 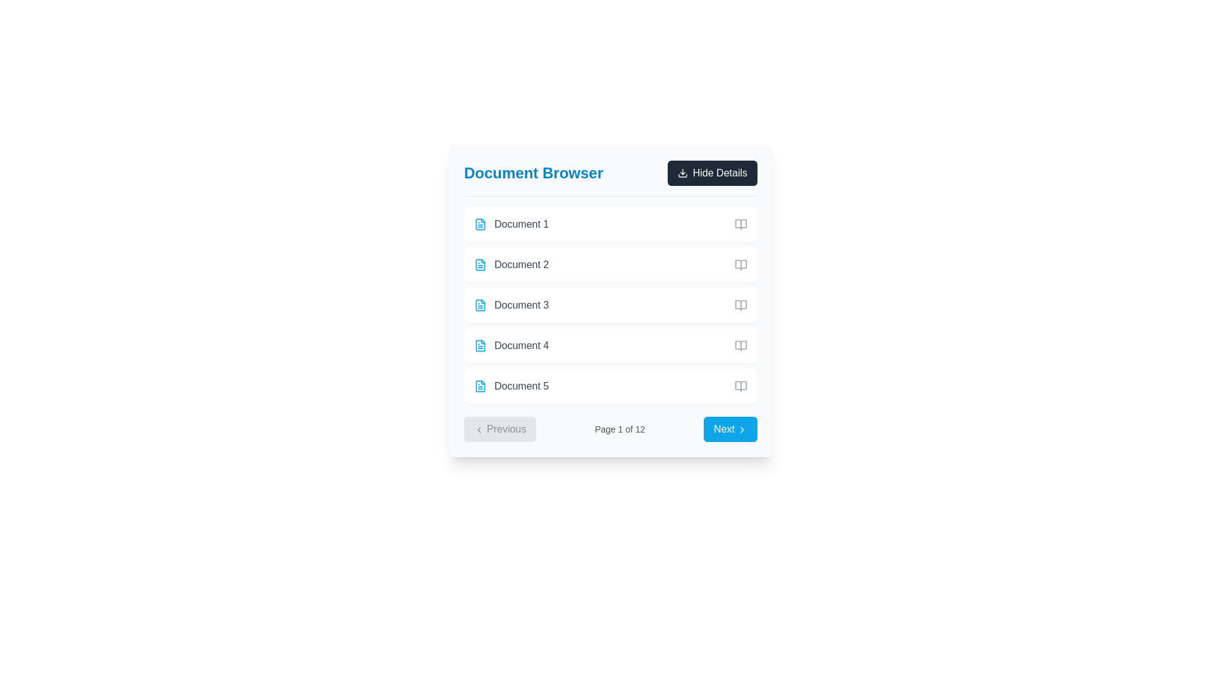 I want to click on on the first list item labeled 'Document 1' in the 'Document Browser' section, so click(x=512, y=223).